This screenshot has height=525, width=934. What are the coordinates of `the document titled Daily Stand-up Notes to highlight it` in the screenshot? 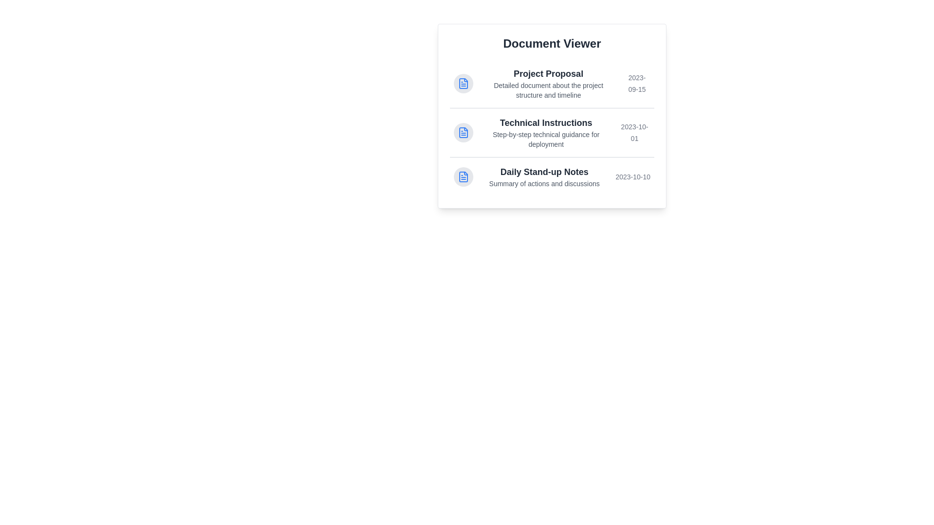 It's located at (552, 176).